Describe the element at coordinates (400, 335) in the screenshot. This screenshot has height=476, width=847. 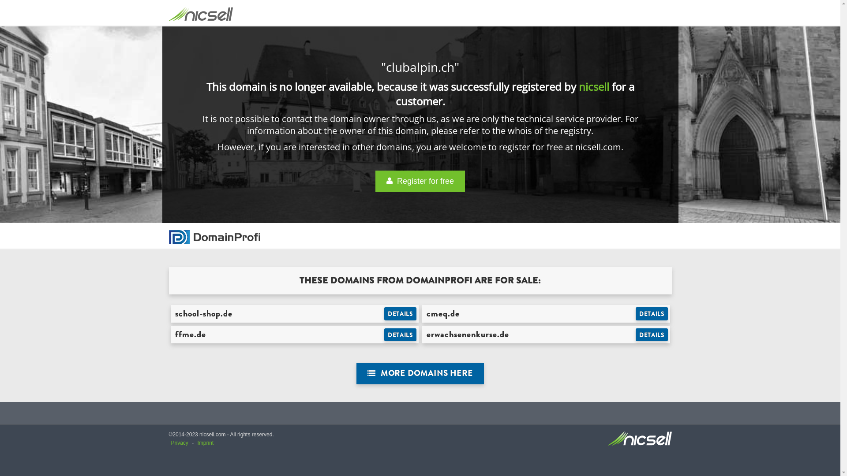
I see `'DETAILS'` at that location.